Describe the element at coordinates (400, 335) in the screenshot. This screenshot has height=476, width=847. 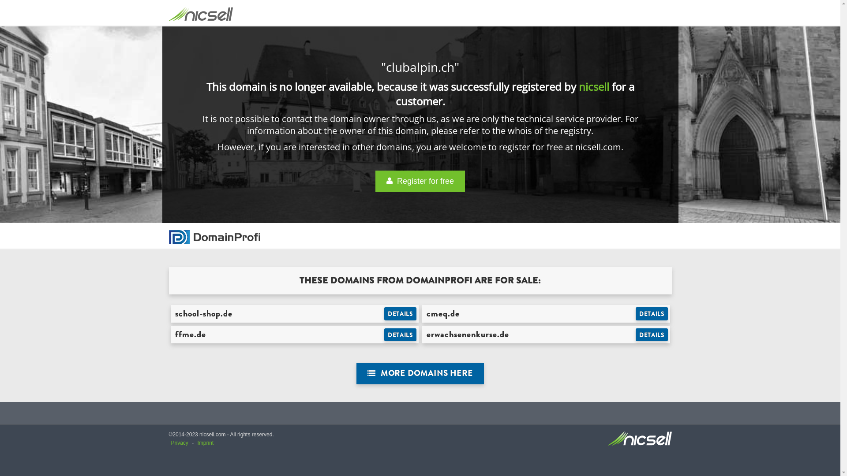
I see `'DETAILS'` at that location.